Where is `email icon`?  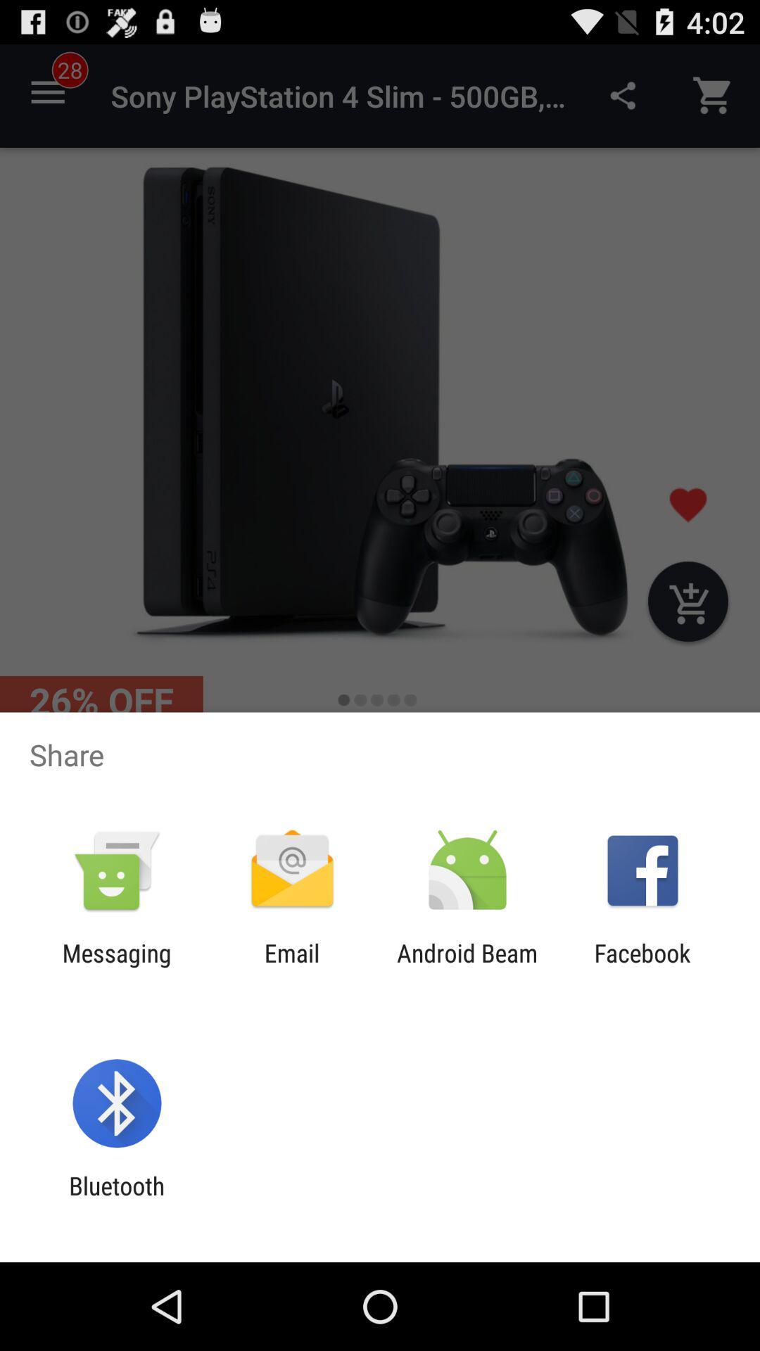
email icon is located at coordinates (291, 967).